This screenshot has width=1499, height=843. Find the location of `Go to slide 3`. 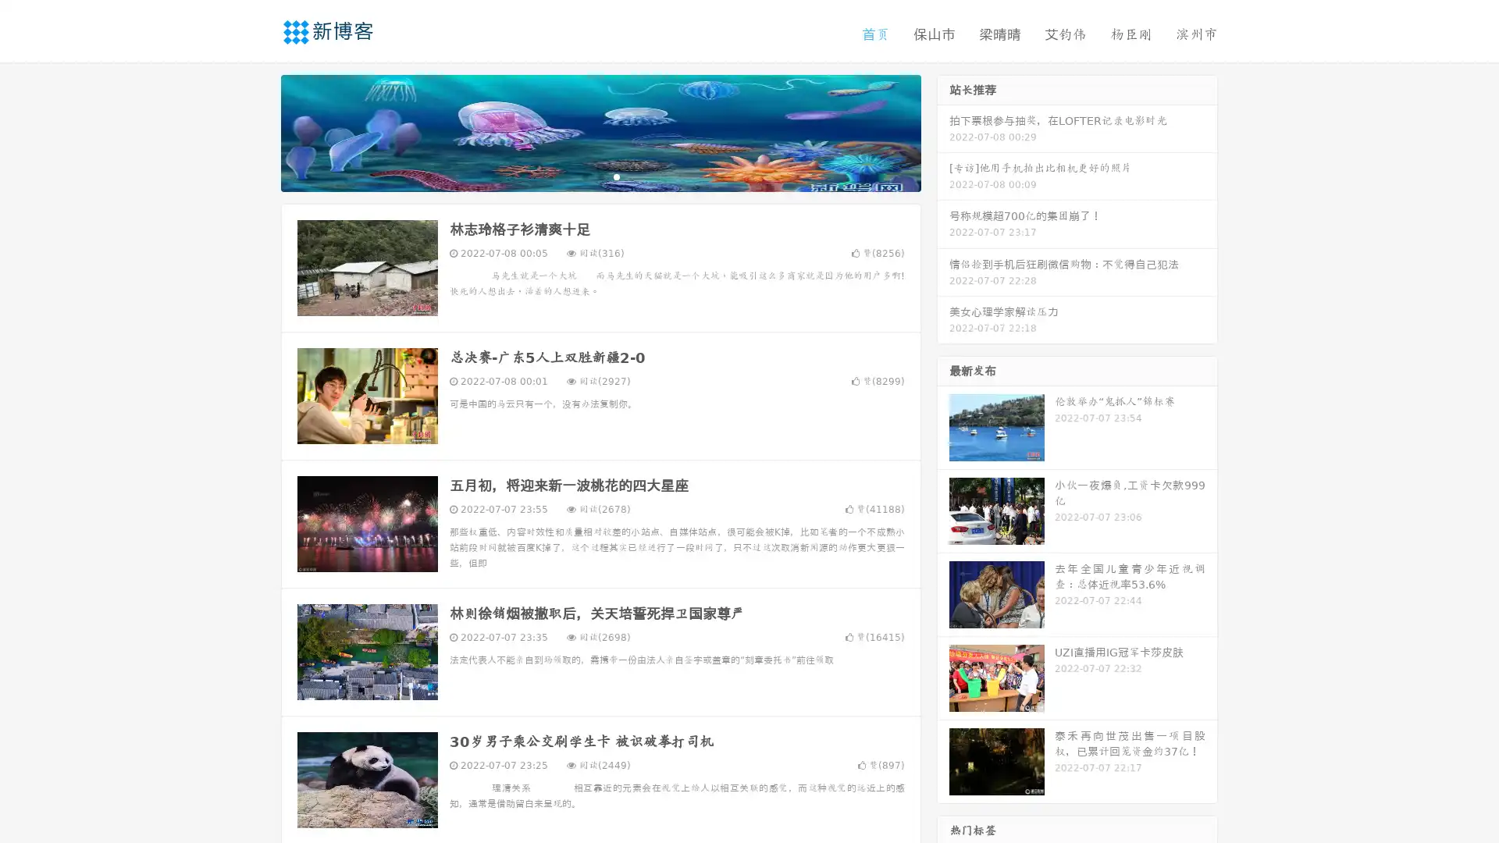

Go to slide 3 is located at coordinates (616, 176).